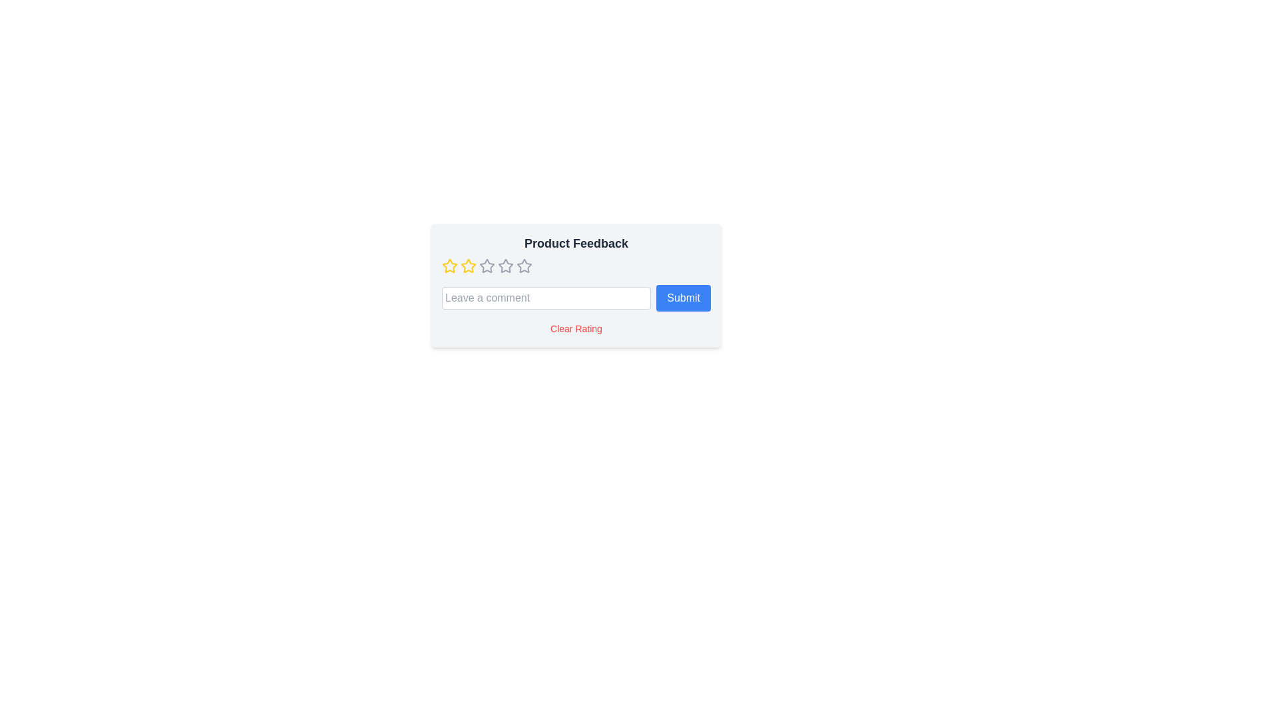 The height and width of the screenshot is (719, 1278). I want to click on the text field and type the comment 'This is a test comment', so click(546, 297).